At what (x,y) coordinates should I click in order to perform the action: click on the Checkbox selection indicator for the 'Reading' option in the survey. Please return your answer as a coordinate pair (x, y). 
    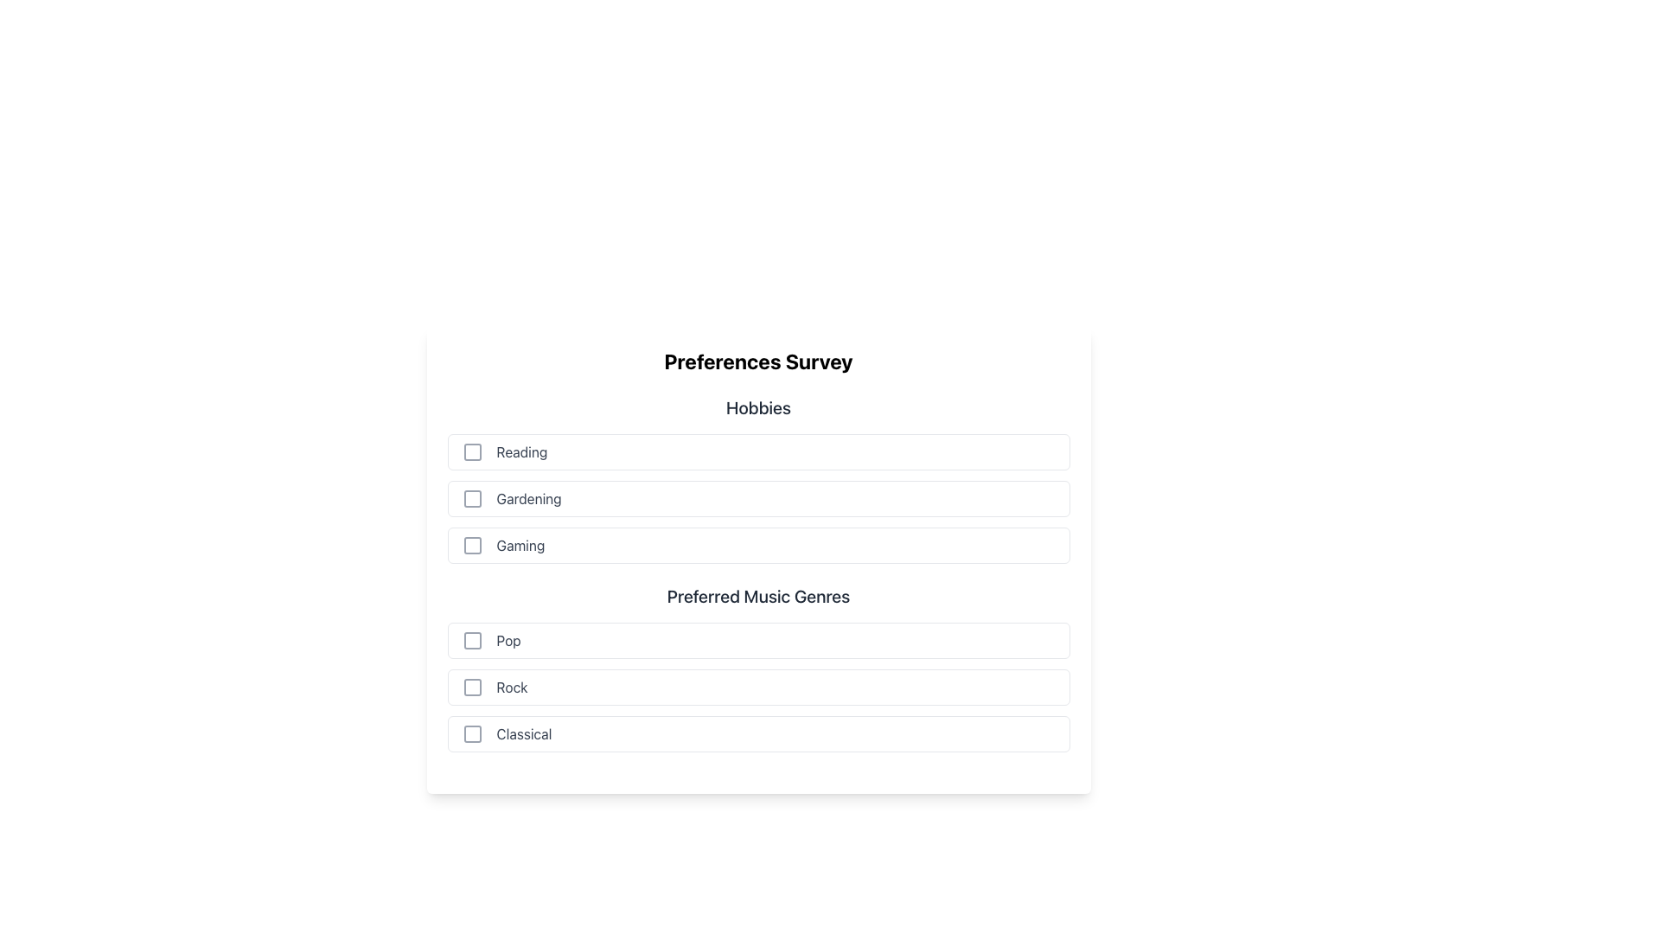
    Looking at the image, I should click on (472, 451).